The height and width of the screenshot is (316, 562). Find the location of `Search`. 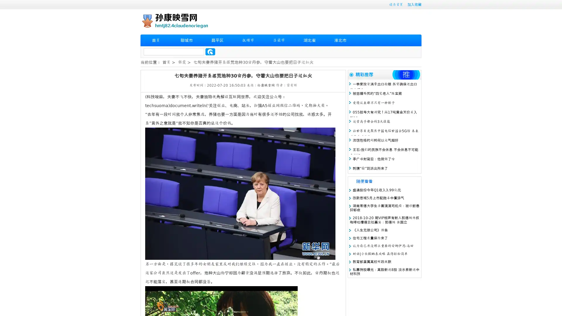

Search is located at coordinates (210, 51).